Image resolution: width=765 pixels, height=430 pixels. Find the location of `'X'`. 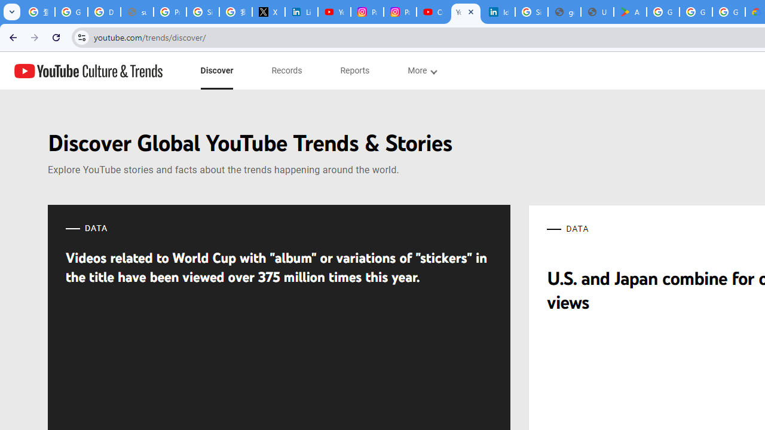

'X' is located at coordinates (268, 12).